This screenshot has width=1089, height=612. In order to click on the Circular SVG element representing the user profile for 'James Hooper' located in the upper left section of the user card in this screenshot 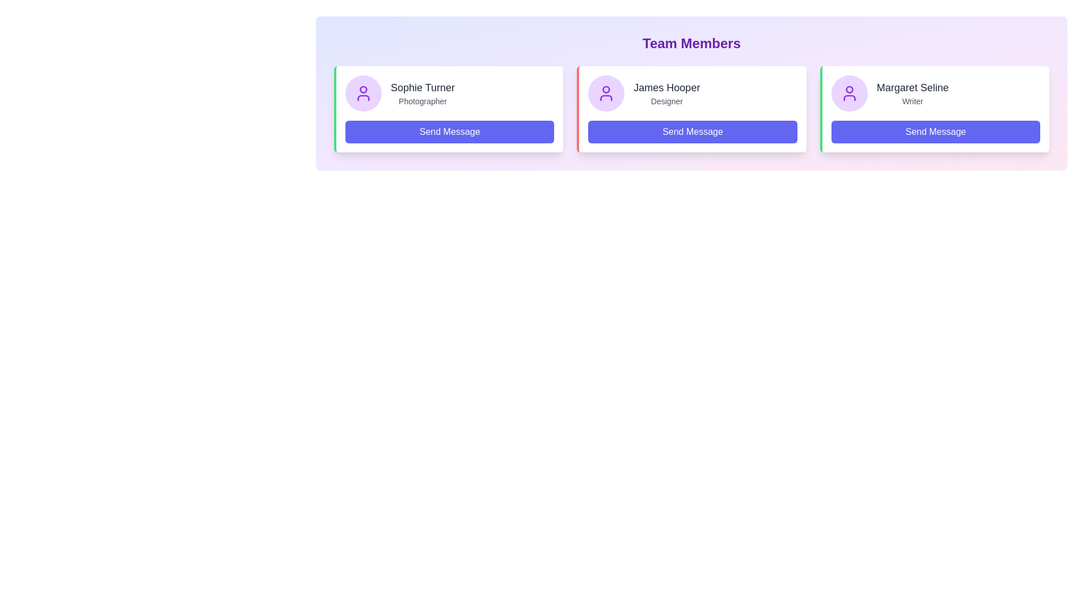, I will do `click(606, 89)`.